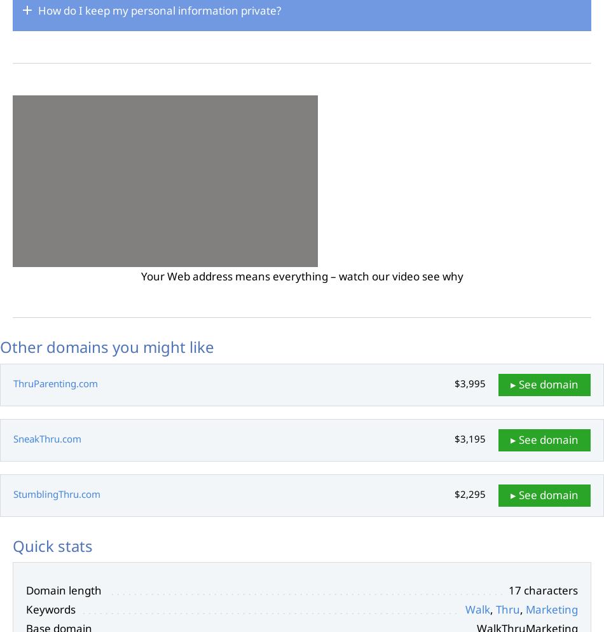 This screenshot has width=604, height=632. Describe the element at coordinates (107, 346) in the screenshot. I see `'Other domains you might like'` at that location.